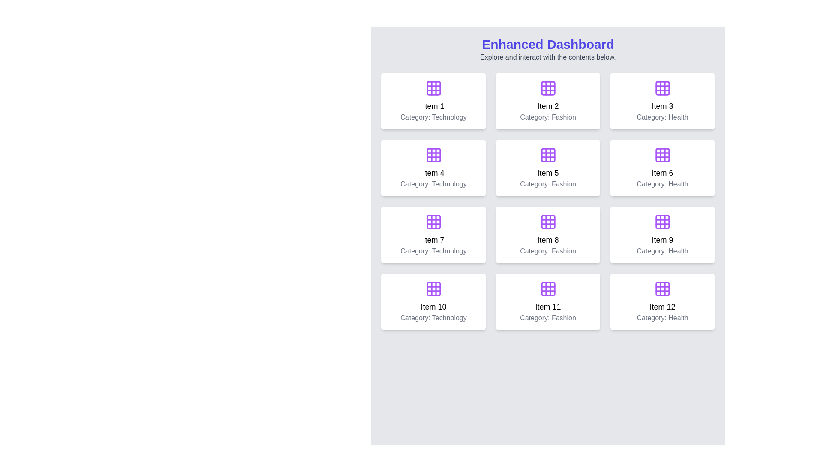  I want to click on the text label indicating 'Item 9' located in the ninth card of the grid layout, positioned above the 'Category: Health' text, so click(662, 240).